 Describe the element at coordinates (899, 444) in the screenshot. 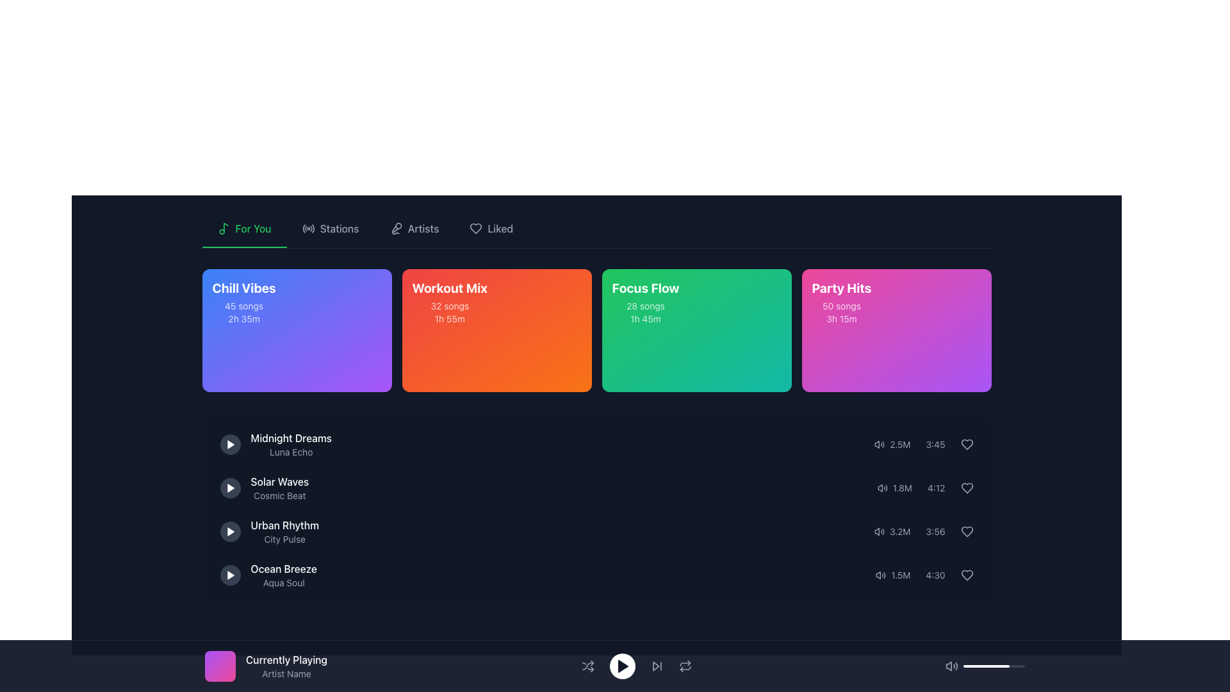

I see `the static text displaying the song's popularity count, located to the right of the speaker icon and left of the song duration` at that location.